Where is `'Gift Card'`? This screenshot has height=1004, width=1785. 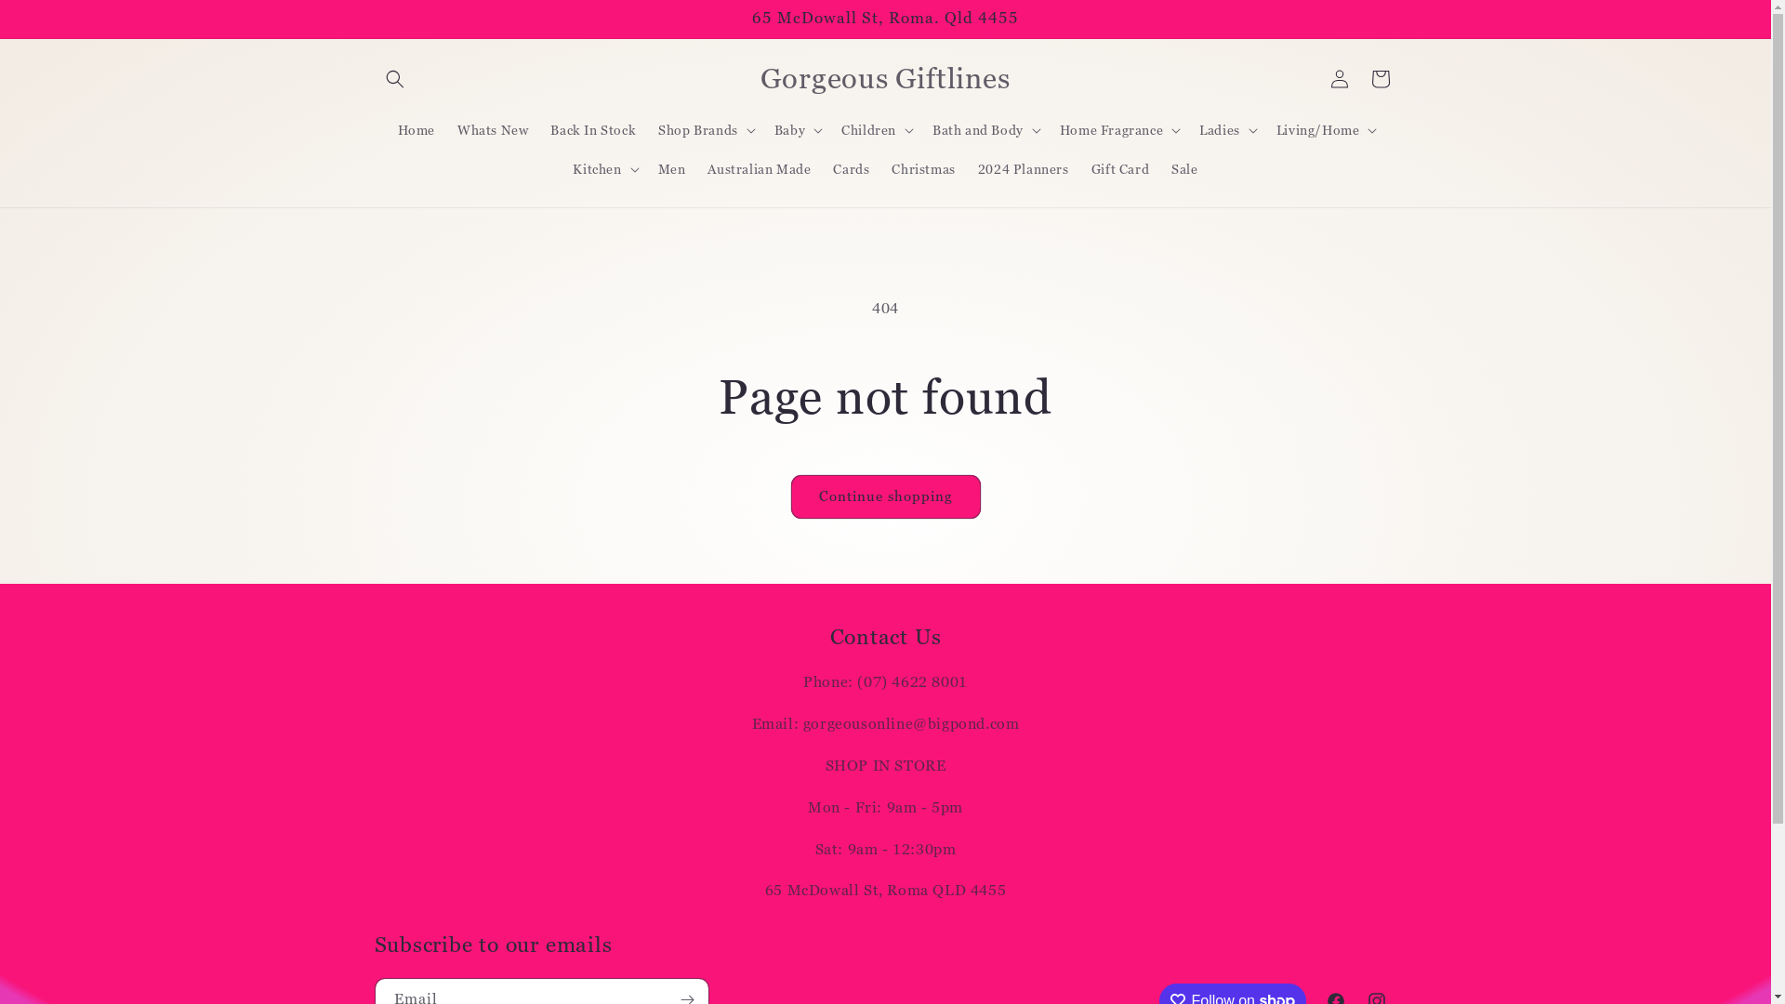
'Gift Card' is located at coordinates (1118, 168).